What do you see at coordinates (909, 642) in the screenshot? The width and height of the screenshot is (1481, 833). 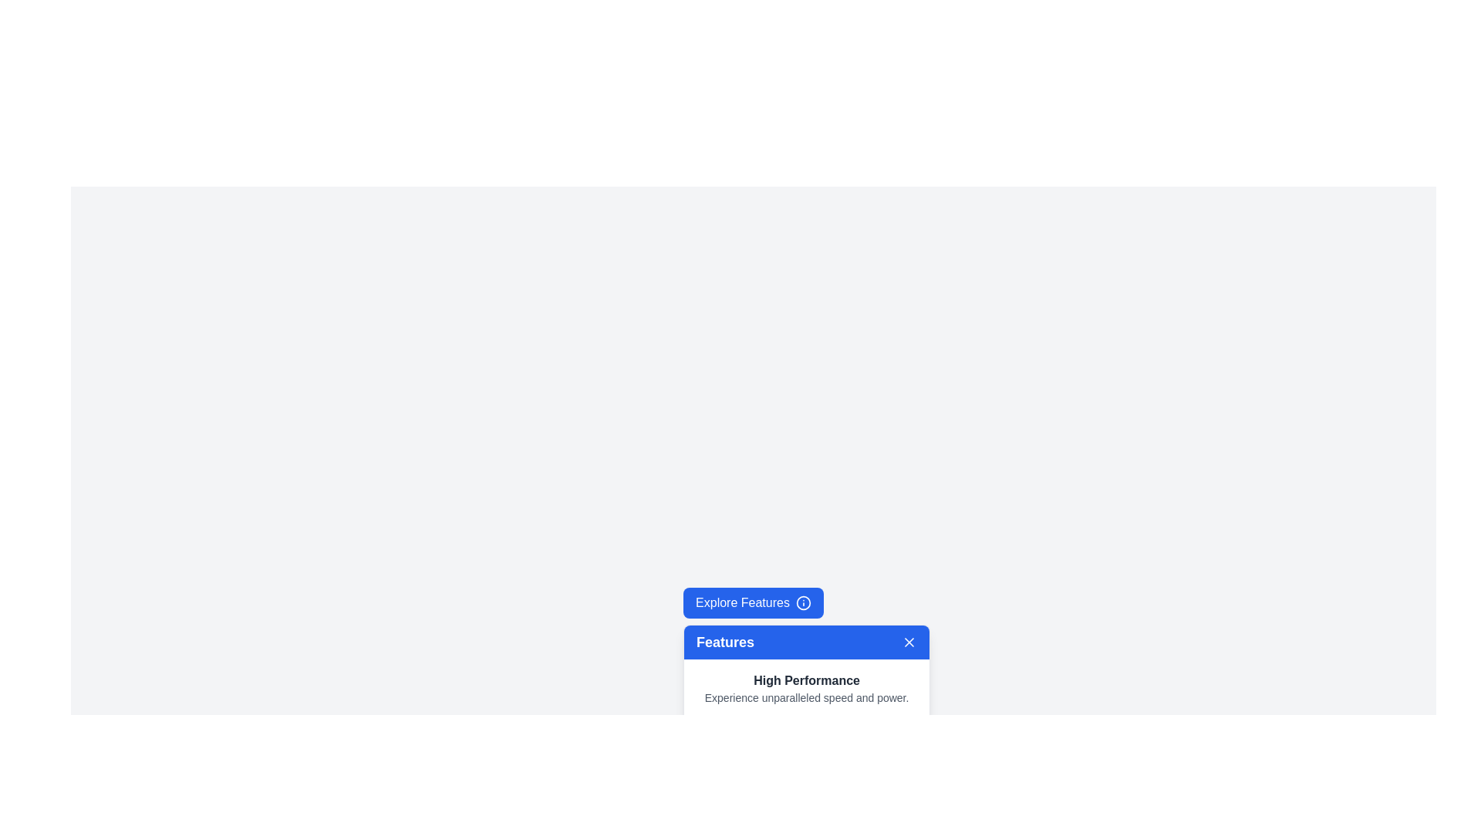 I see `the small blue circular button with a white 'X' icon located in the top-right corner of the 'Features' header` at bounding box center [909, 642].